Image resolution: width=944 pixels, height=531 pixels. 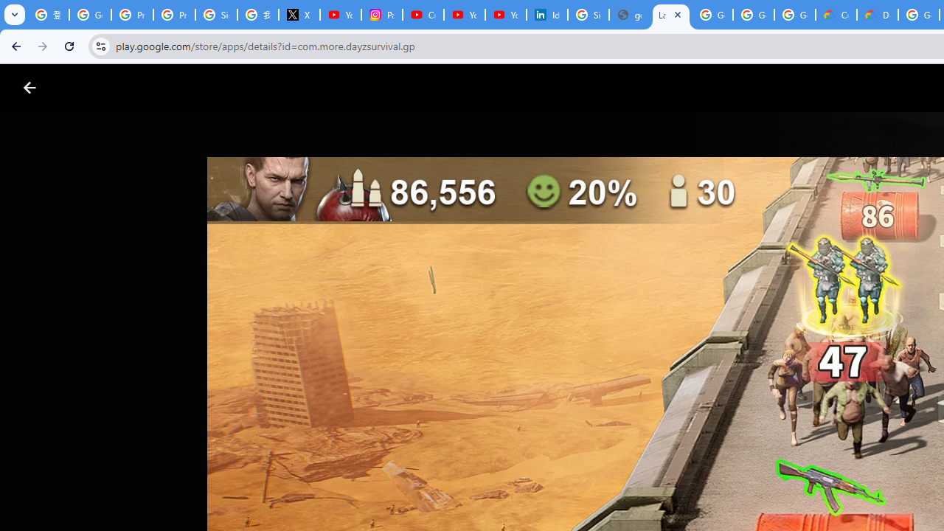 I want to click on 'Privacy Help Center - Policies Help', so click(x=132, y=15).